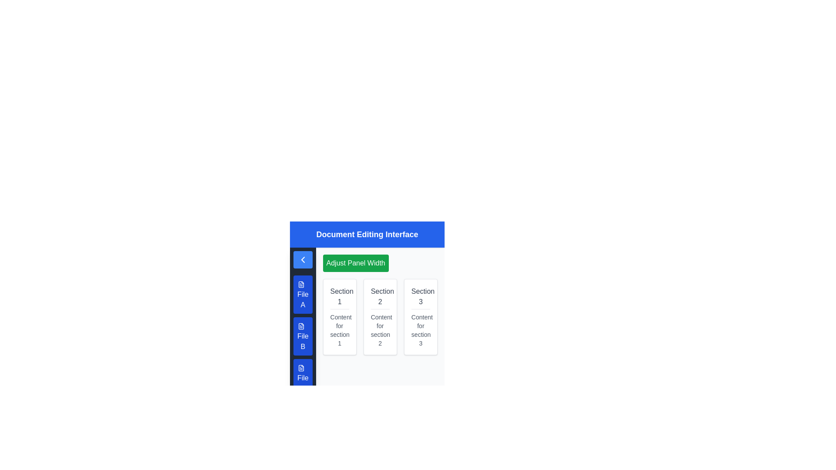 The image size is (836, 470). What do you see at coordinates (301, 326) in the screenshot?
I see `the file icon graphic in the vertical menu, which is characterized by a minimalistic document outline and positioned second in the navigation panel` at bounding box center [301, 326].